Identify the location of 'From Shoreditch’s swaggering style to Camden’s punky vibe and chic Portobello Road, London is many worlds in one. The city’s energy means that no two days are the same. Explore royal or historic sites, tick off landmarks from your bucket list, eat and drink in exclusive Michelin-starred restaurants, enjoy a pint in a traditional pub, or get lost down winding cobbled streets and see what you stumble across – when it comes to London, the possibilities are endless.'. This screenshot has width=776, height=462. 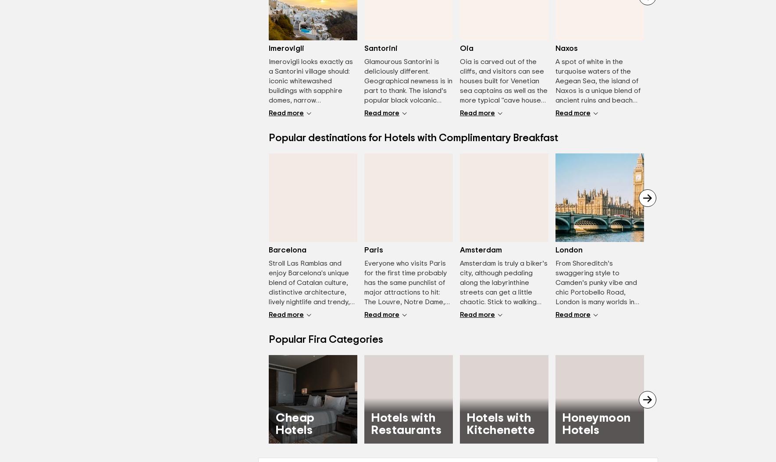
(599, 350).